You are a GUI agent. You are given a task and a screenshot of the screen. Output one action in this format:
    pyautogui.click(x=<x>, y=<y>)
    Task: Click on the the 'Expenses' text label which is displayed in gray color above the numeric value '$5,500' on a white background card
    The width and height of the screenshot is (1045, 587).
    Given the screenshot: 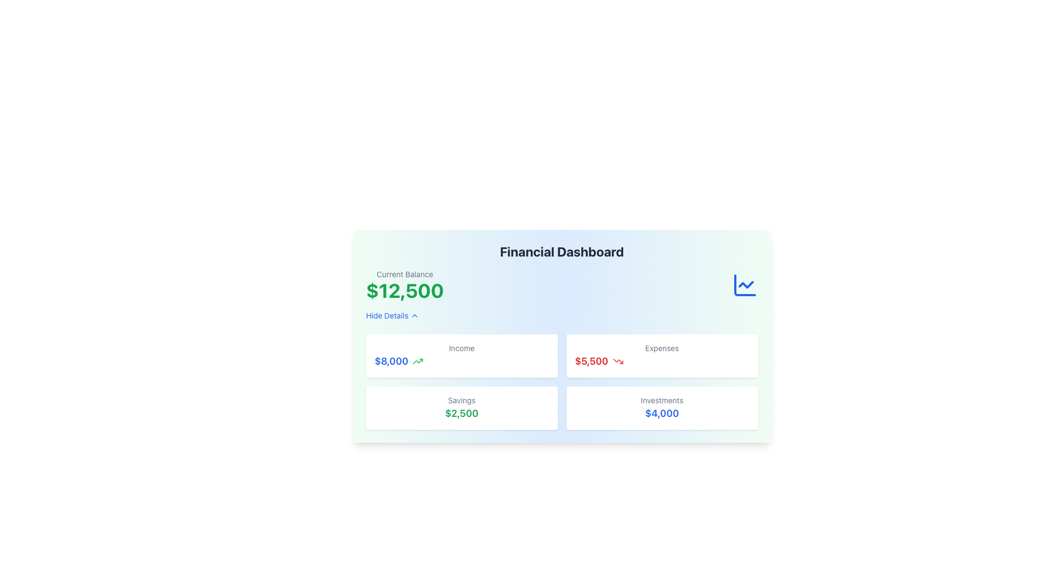 What is the action you would take?
    pyautogui.click(x=661, y=348)
    